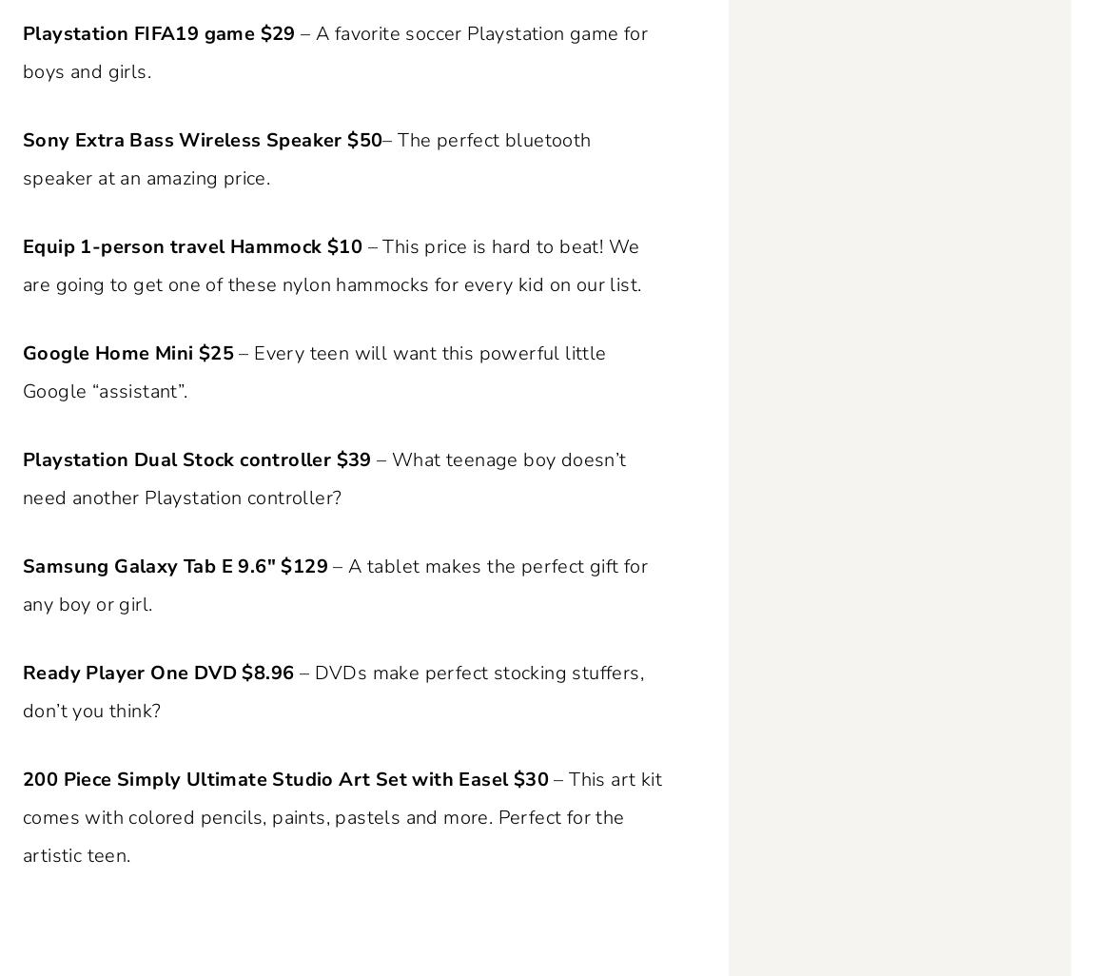  What do you see at coordinates (285, 778) in the screenshot?
I see `'200 Piece Simply Ultimate Studio Art Set with Easel $30'` at bounding box center [285, 778].